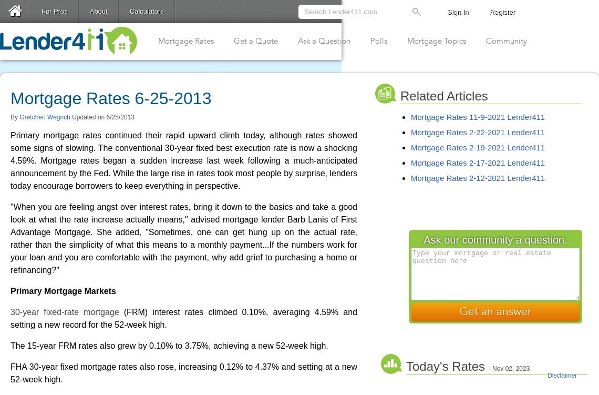 This screenshot has width=599, height=395. Describe the element at coordinates (102, 117) in the screenshot. I see `'Updated on 6/25/2013'` at that location.